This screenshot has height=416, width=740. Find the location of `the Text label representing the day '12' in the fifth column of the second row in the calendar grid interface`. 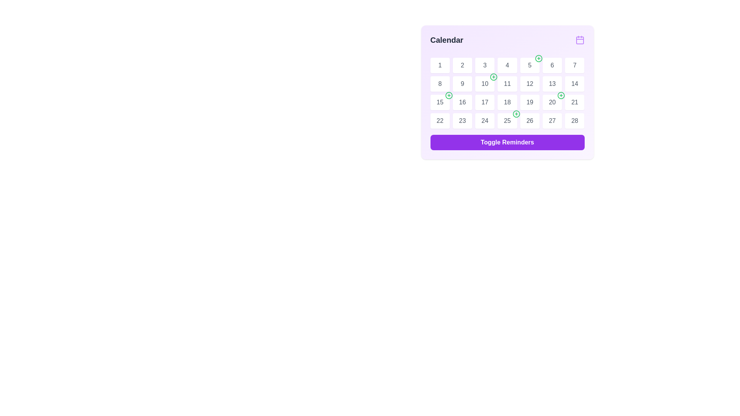

the Text label representing the day '12' in the fifth column of the second row in the calendar grid interface is located at coordinates (529, 84).